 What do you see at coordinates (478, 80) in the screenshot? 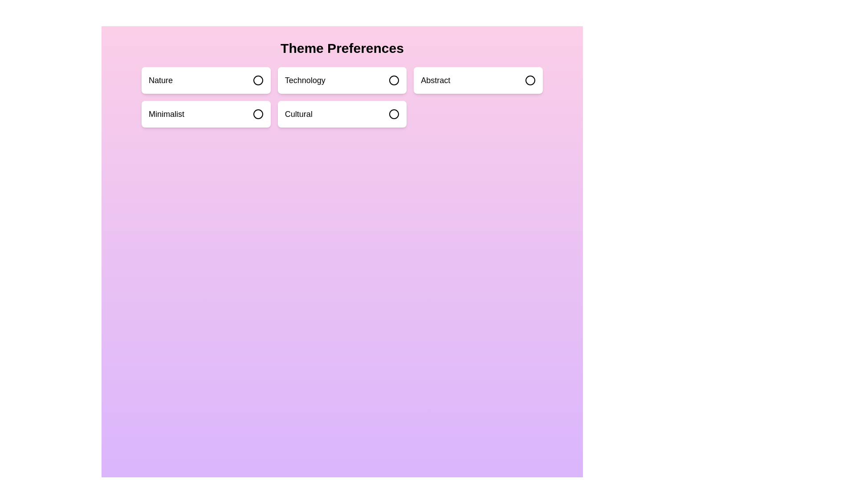
I see `the theme box labeled Abstract` at bounding box center [478, 80].